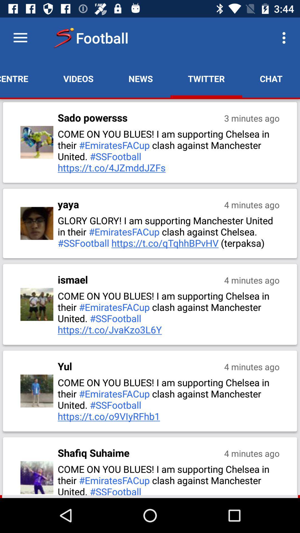 Image resolution: width=300 pixels, height=533 pixels. What do you see at coordinates (22, 78) in the screenshot?
I see `match centre` at bounding box center [22, 78].